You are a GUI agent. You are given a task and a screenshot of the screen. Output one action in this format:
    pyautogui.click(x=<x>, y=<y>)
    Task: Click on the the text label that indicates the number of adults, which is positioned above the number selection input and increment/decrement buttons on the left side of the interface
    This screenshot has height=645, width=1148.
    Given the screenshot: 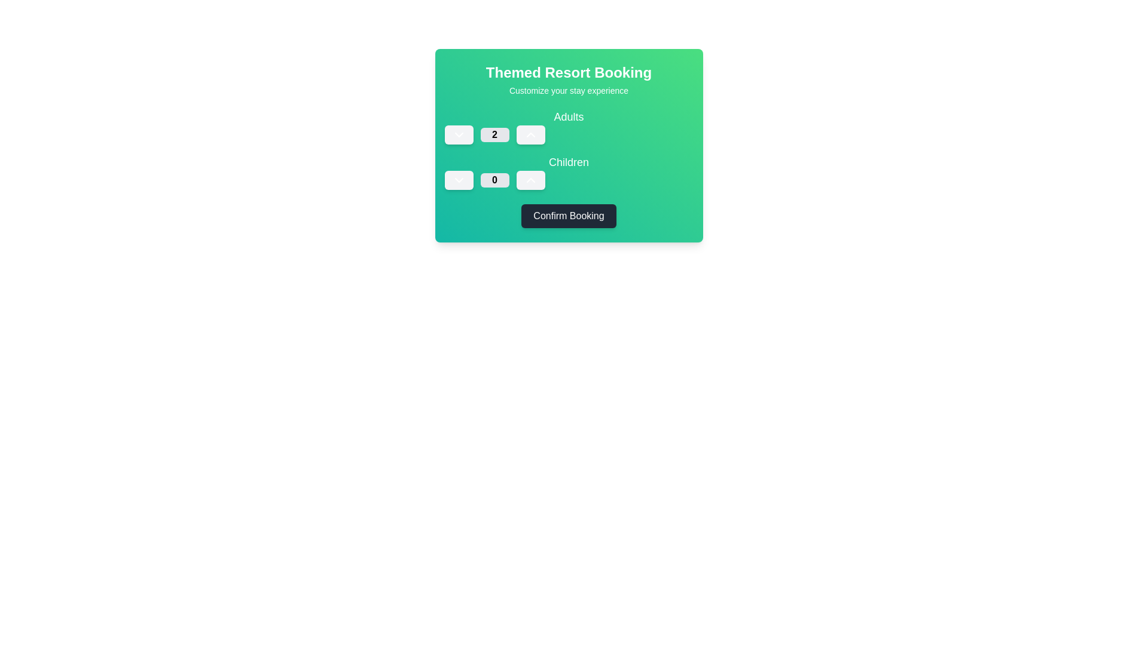 What is the action you would take?
    pyautogui.click(x=568, y=127)
    